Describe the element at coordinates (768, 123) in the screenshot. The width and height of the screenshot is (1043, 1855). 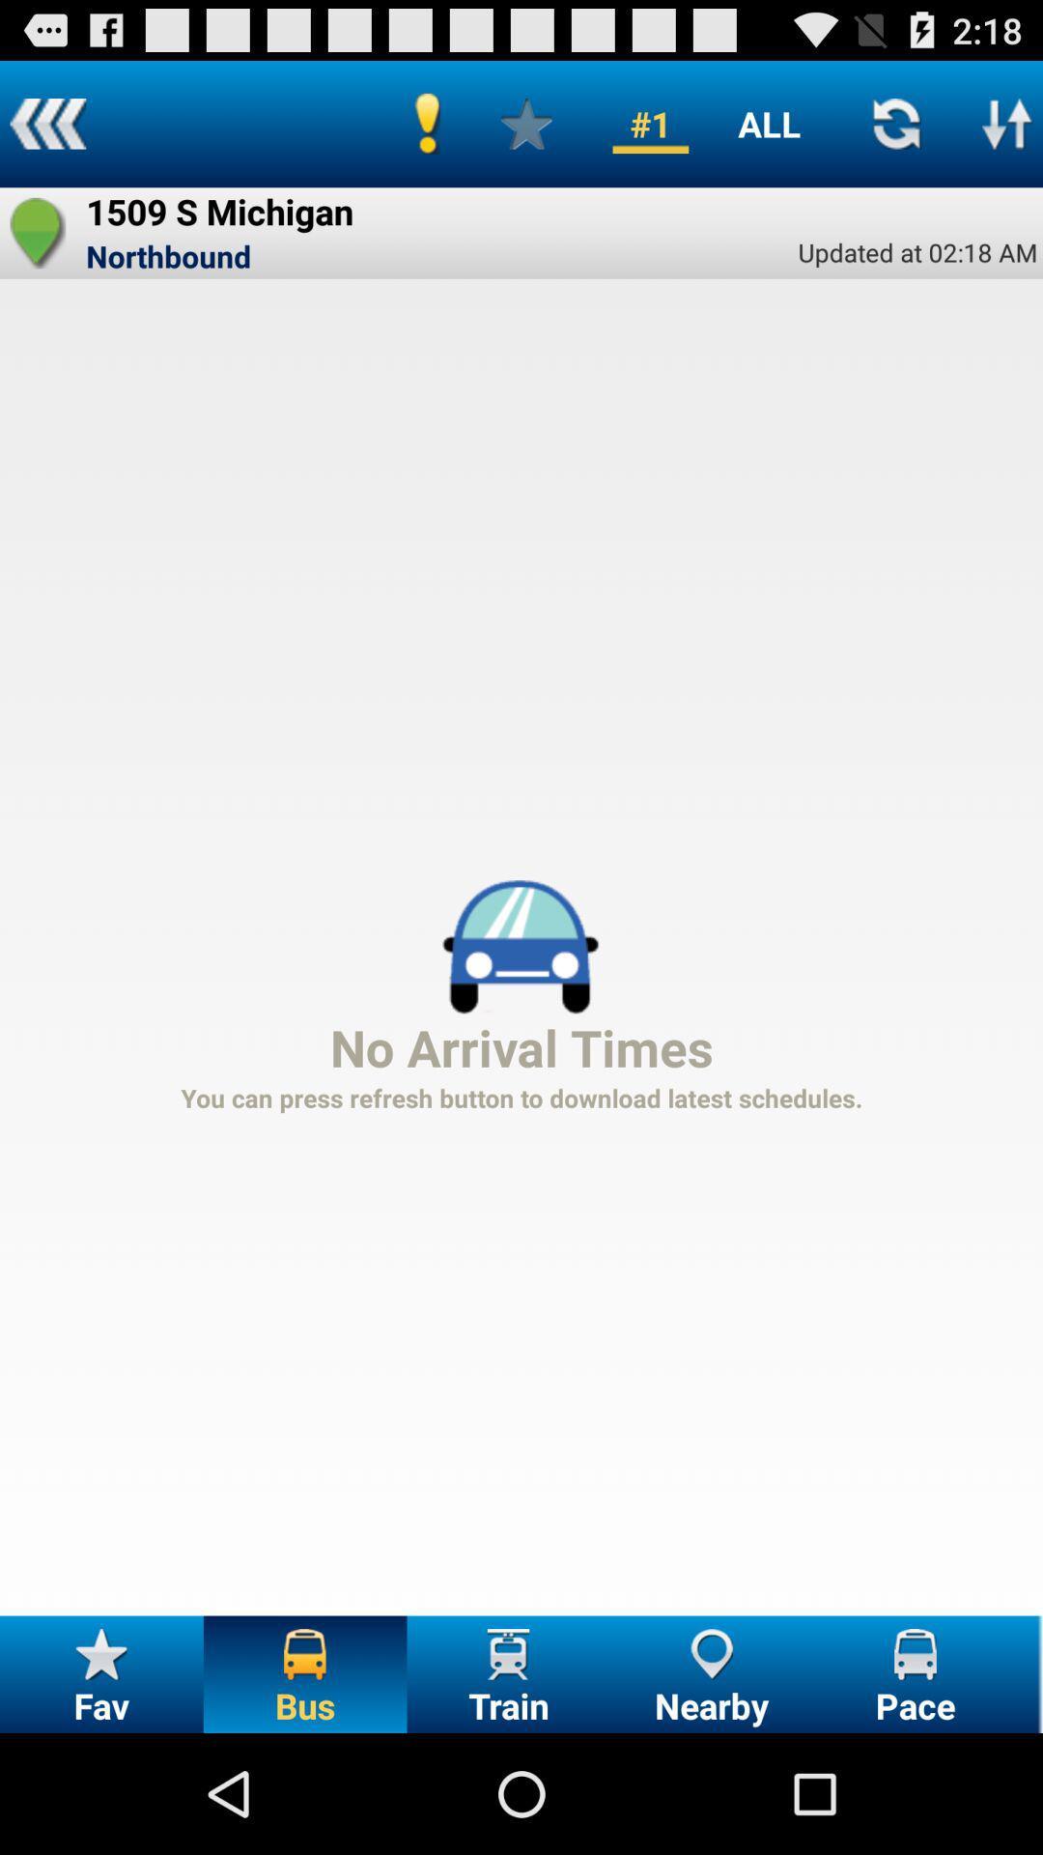
I see `all  button` at that location.